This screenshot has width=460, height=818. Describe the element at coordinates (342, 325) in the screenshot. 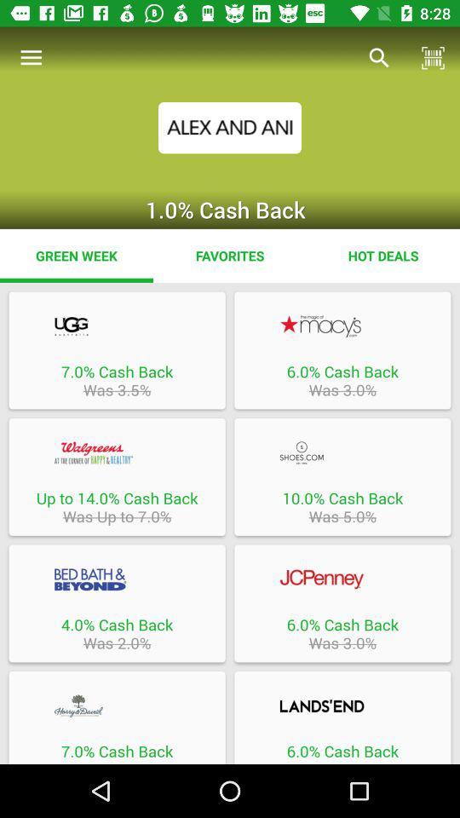

I see `redirect` at that location.